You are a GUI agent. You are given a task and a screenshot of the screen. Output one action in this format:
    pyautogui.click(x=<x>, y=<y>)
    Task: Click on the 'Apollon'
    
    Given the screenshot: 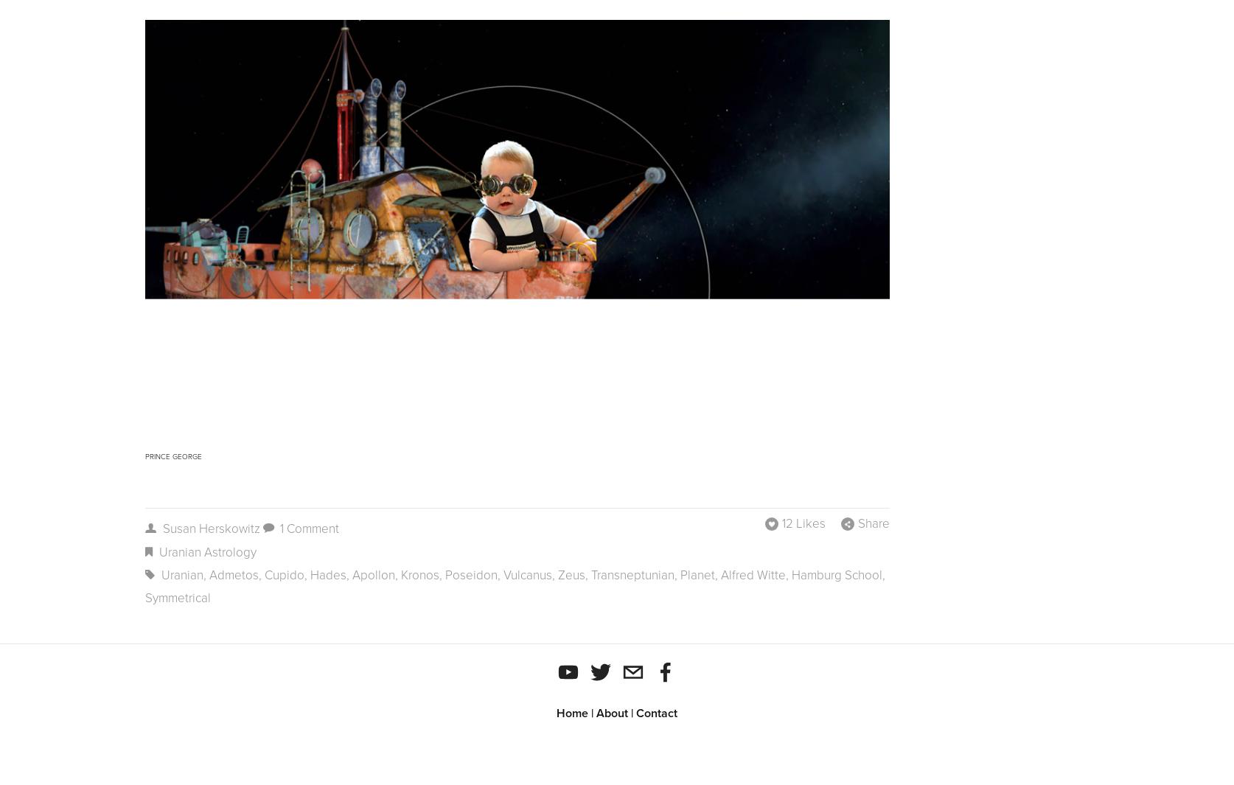 What is the action you would take?
    pyautogui.click(x=372, y=575)
    